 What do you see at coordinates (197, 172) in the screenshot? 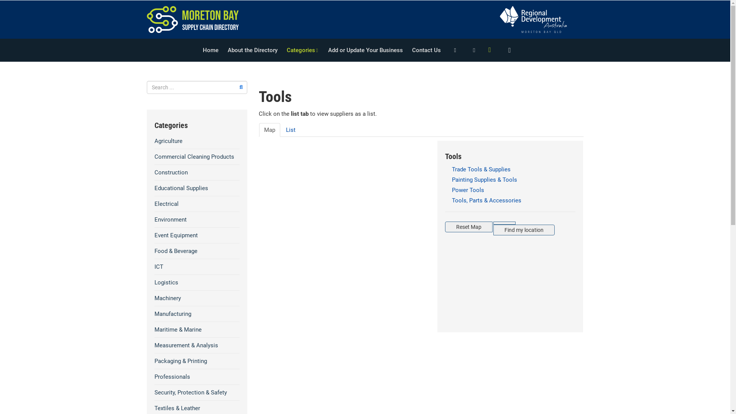
I see `'Construction'` at bounding box center [197, 172].